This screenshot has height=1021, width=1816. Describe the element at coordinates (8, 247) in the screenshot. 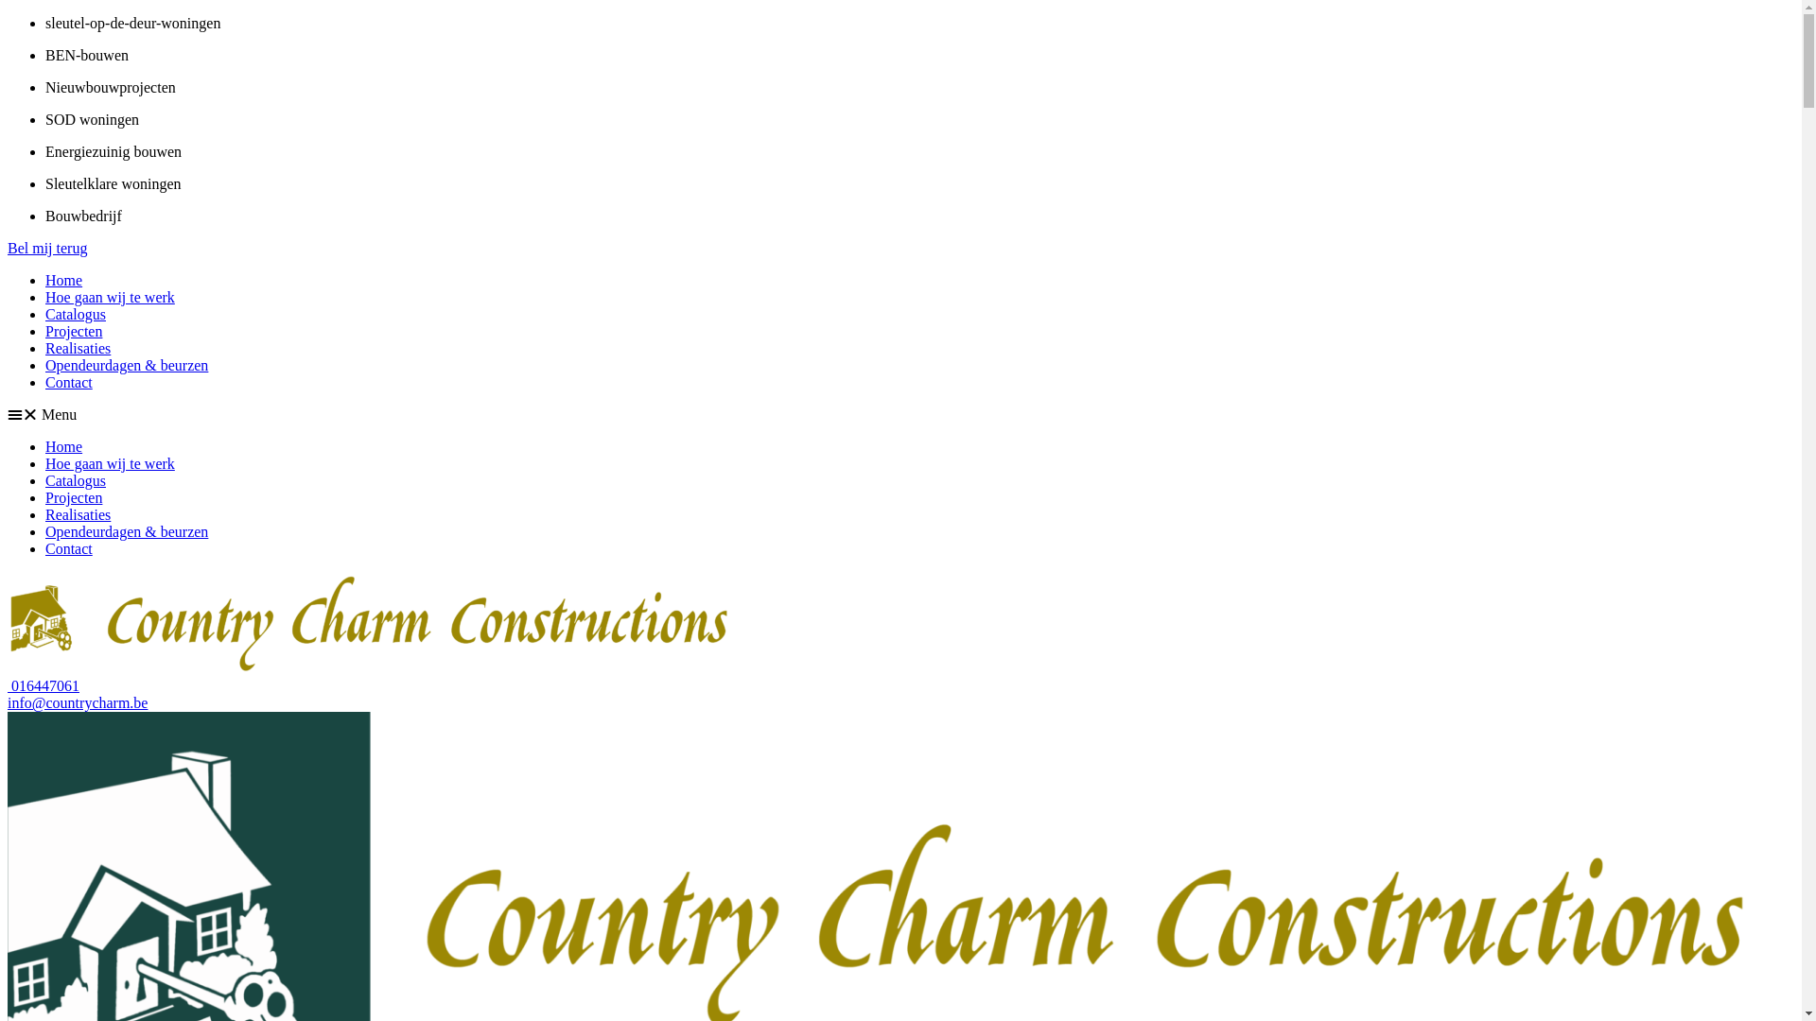

I see `'Bel mij terug'` at that location.